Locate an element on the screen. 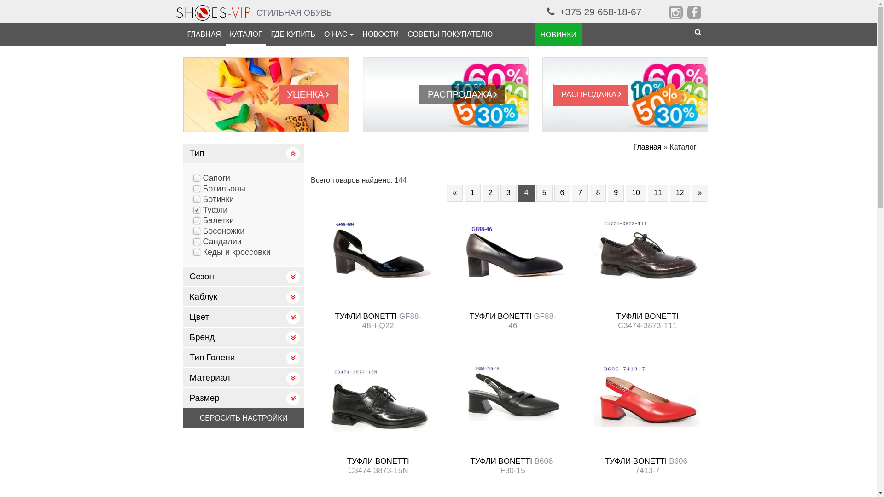 The height and width of the screenshot is (497, 884). '8' is located at coordinates (598, 192).